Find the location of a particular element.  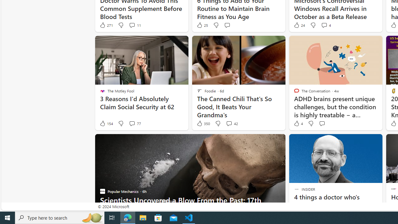

'4 Like' is located at coordinates (298, 124).